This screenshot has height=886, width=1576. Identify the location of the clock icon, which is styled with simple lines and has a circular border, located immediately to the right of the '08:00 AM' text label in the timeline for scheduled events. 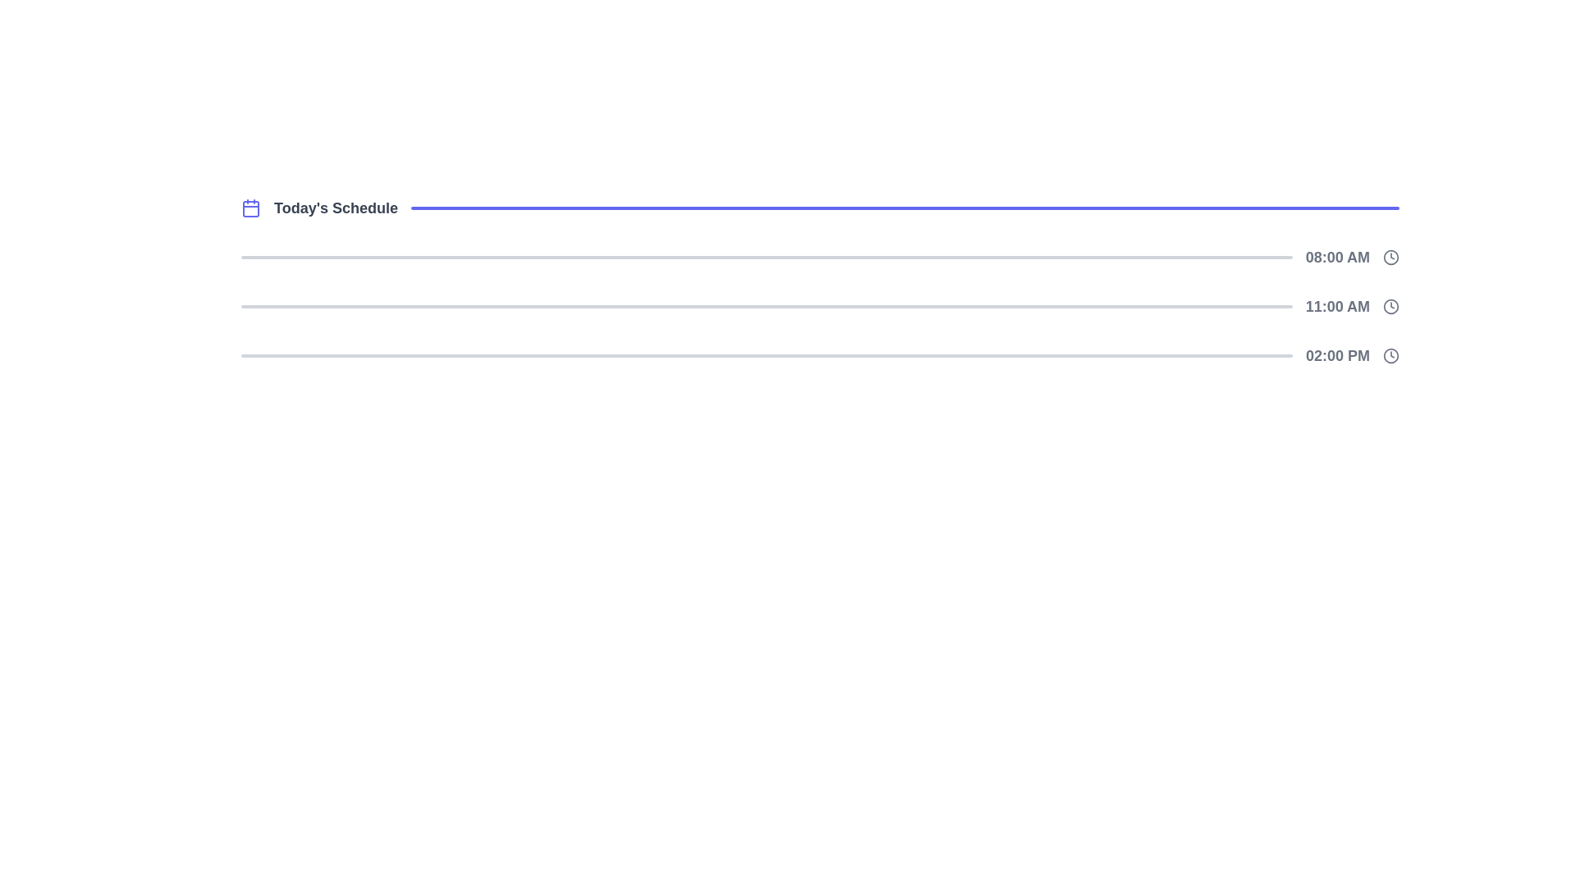
(1390, 257).